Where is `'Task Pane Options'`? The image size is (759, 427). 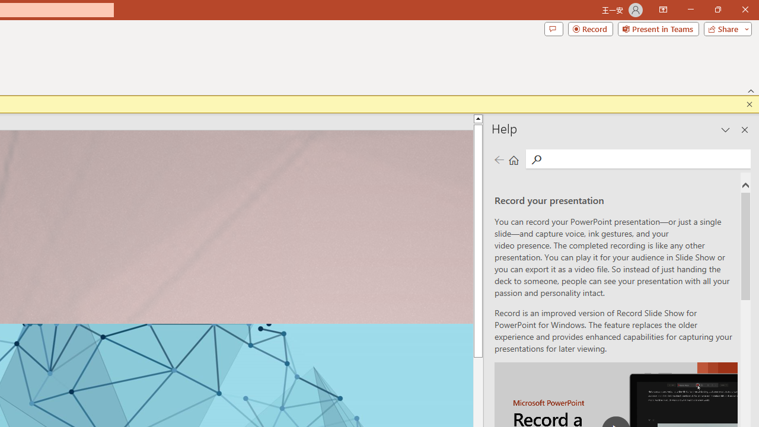
'Task Pane Options' is located at coordinates (725, 130).